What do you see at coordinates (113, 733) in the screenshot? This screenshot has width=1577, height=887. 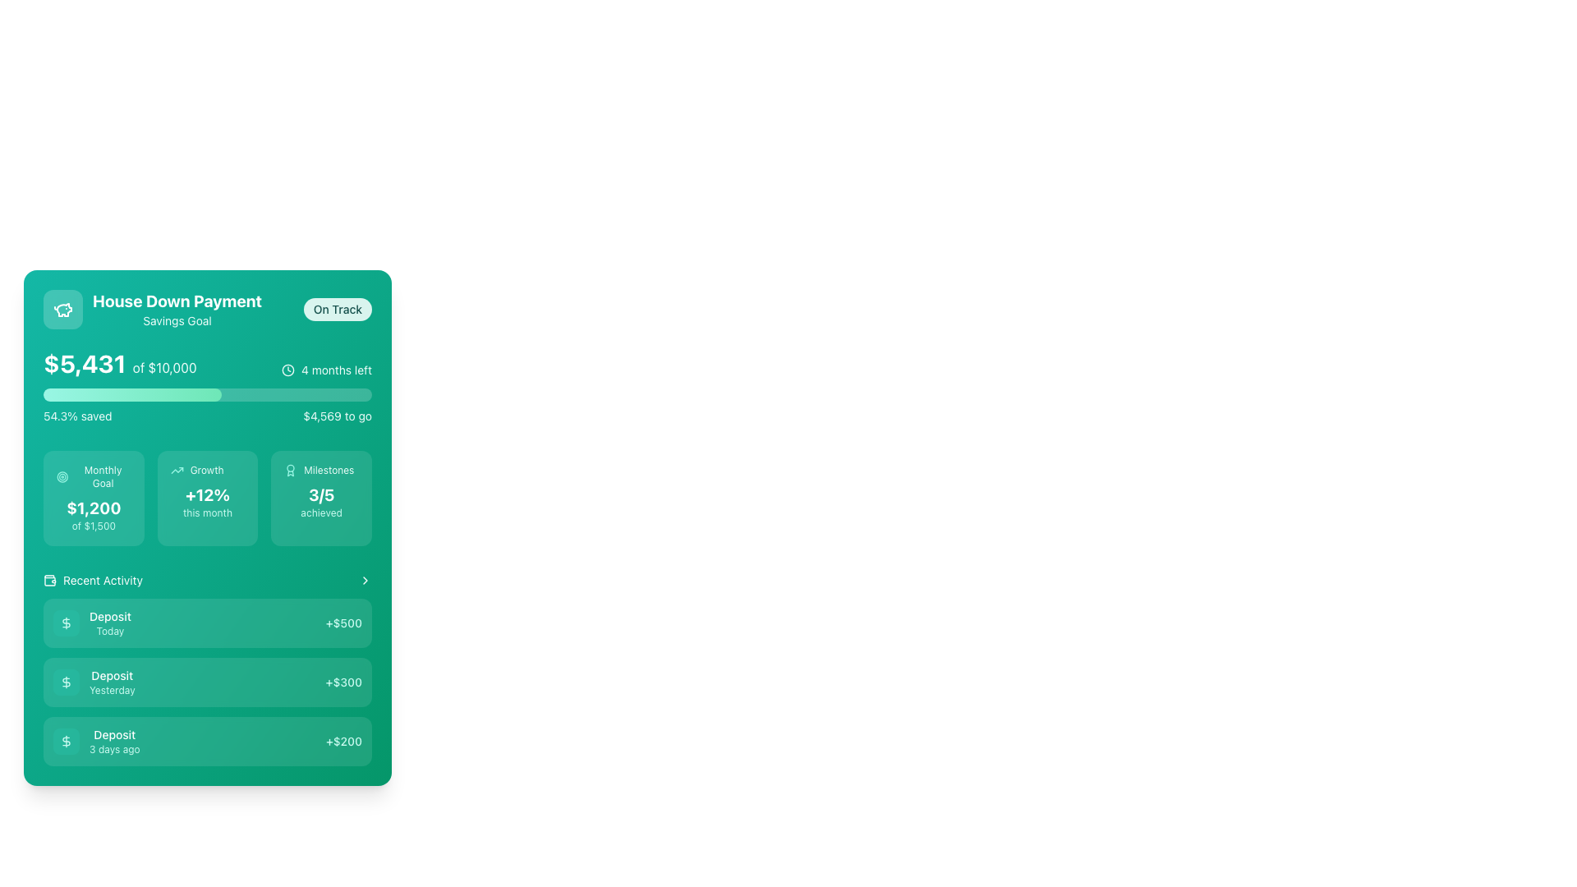 I see `the 'Deposit' text label, which is displayed in white on a teal background, located in the 'Recent Activity' section, above the '3 days ago' text` at bounding box center [113, 733].